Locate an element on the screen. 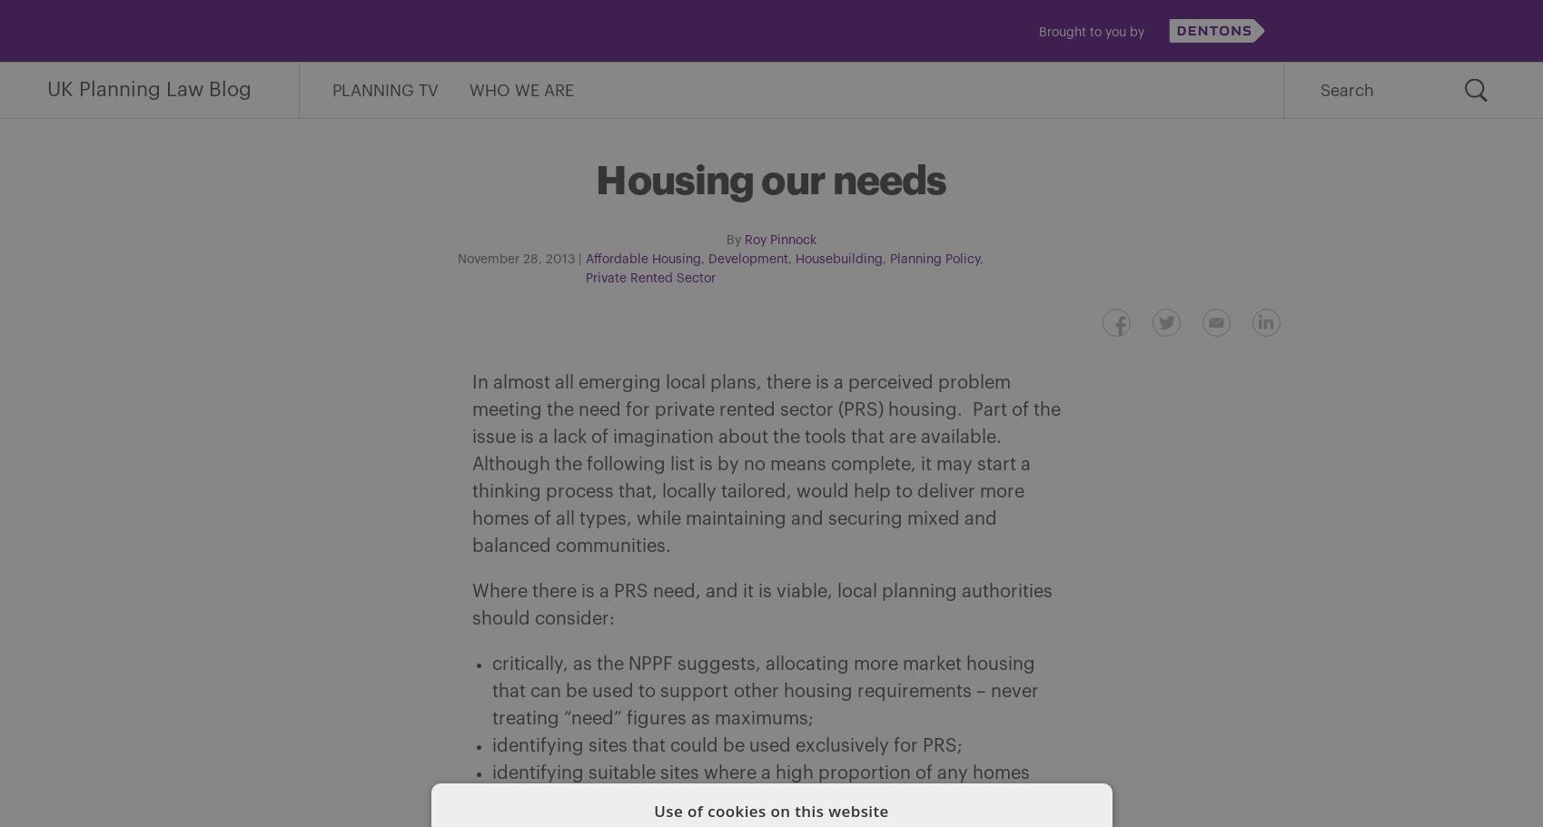 This screenshot has height=827, width=1543. 'Share via email' is located at coordinates (688, 323).